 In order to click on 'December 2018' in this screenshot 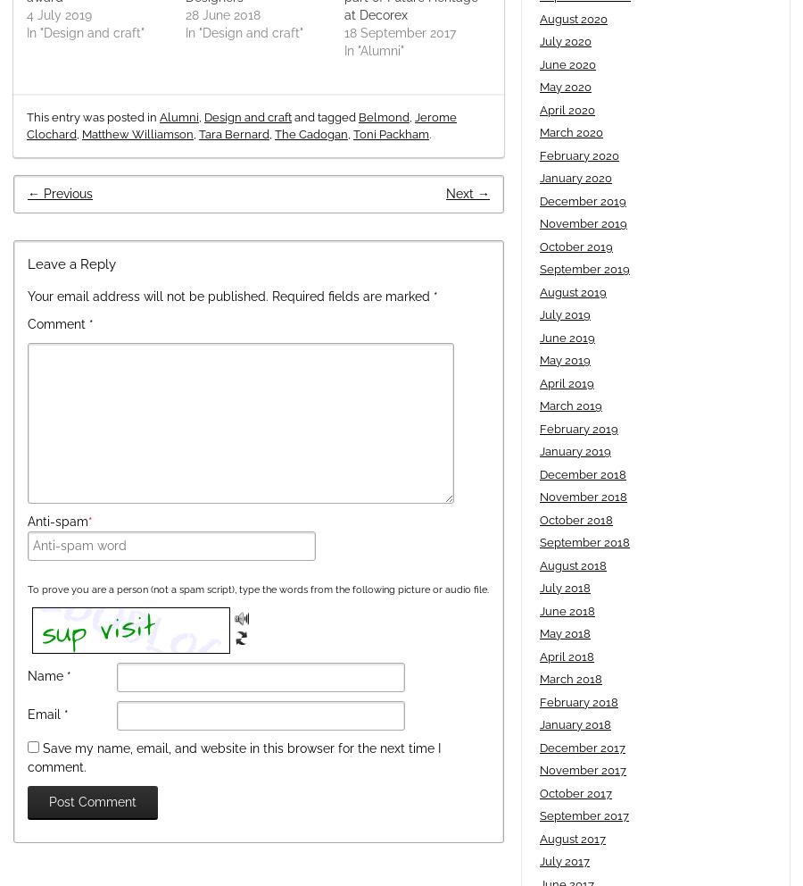, I will do `click(583, 472)`.